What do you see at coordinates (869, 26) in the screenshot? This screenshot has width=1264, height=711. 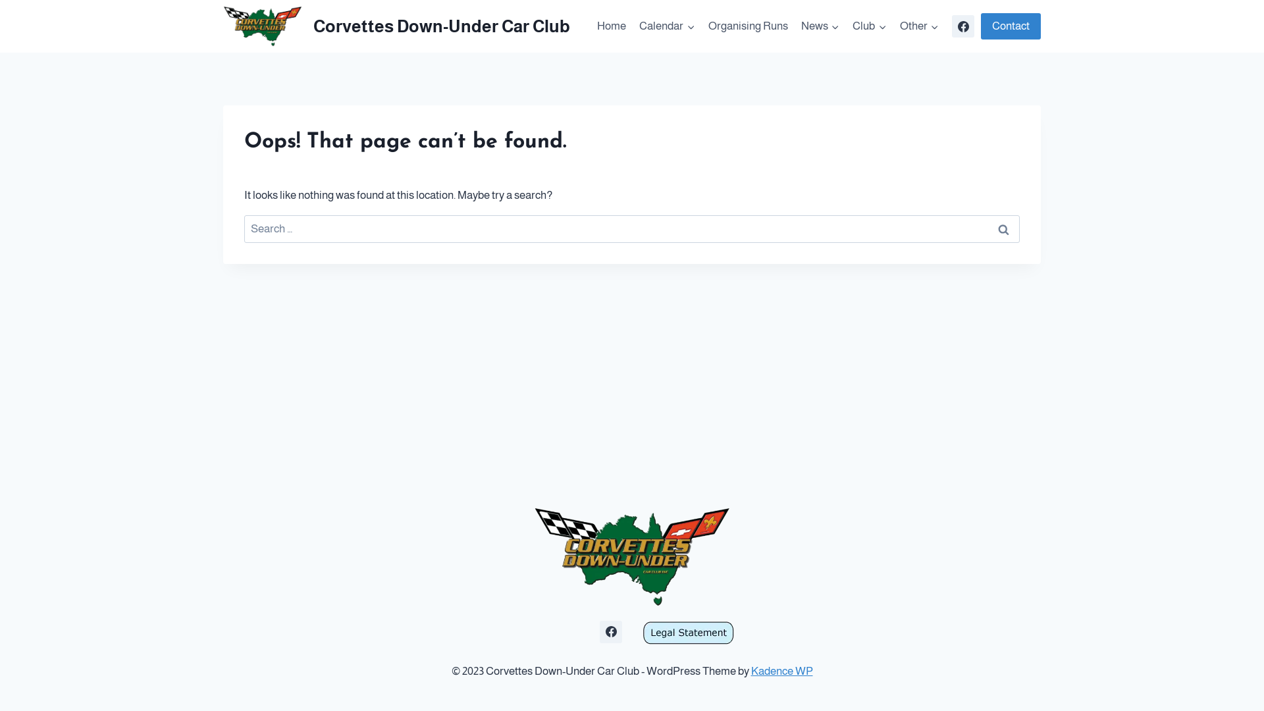 I see `'Club'` at bounding box center [869, 26].